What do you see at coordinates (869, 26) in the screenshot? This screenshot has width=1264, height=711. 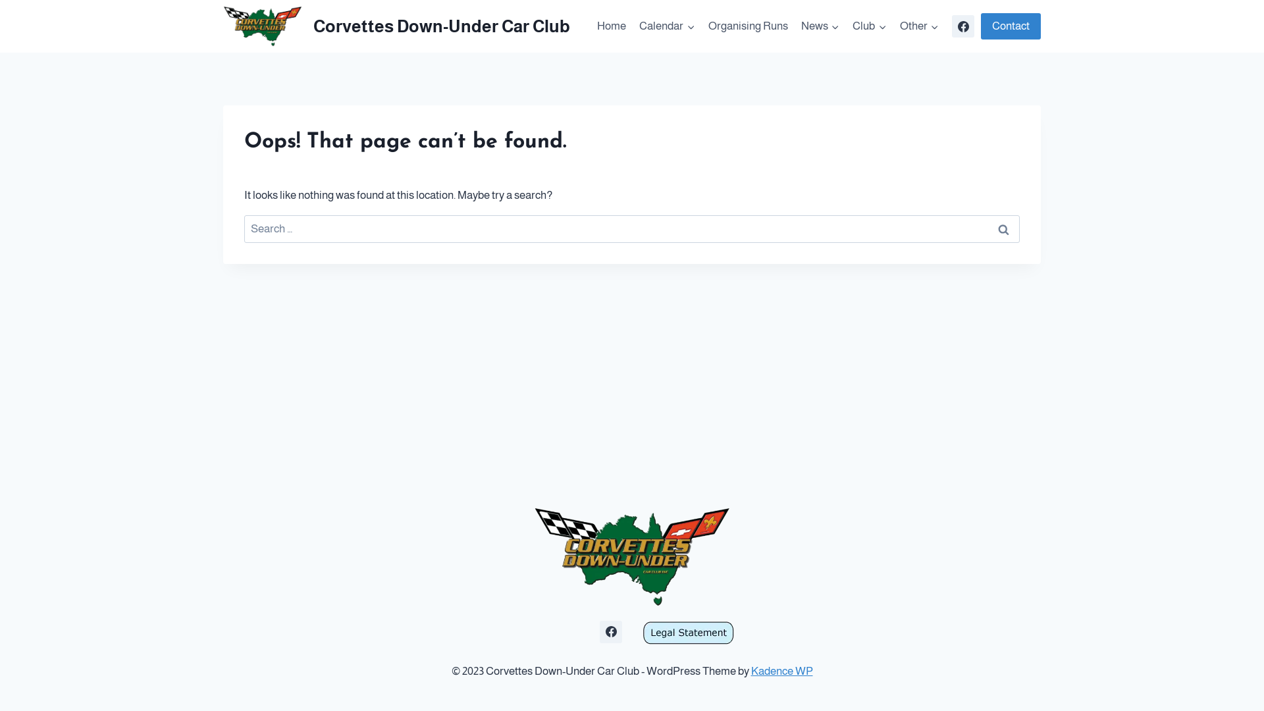 I see `'Club'` at bounding box center [869, 26].